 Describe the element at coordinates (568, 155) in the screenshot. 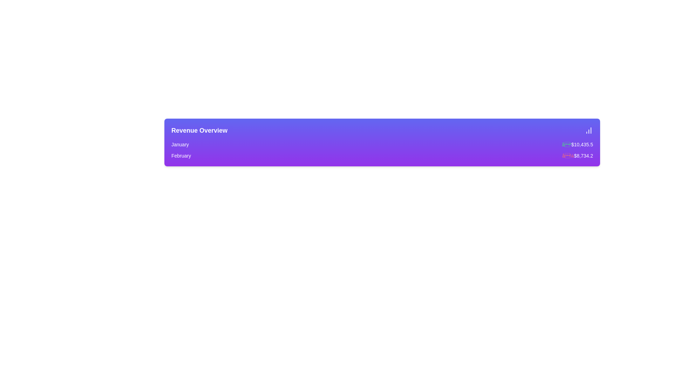

I see `the Text Display element located to the left of the text '$8,734.2' in the bottom right corner of the gradient box` at that location.